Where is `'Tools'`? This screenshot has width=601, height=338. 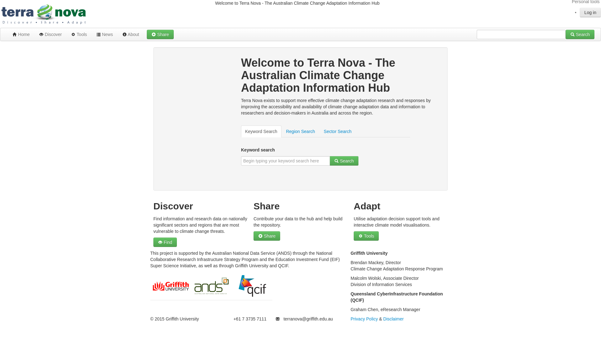 'Tools' is located at coordinates (366, 236).